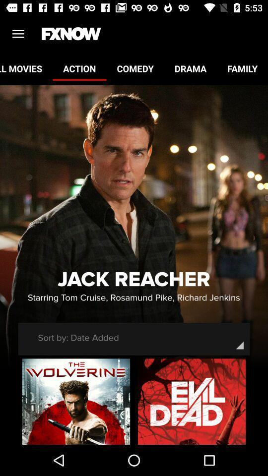  Describe the element at coordinates (134, 280) in the screenshot. I see `jack reacher item` at that location.